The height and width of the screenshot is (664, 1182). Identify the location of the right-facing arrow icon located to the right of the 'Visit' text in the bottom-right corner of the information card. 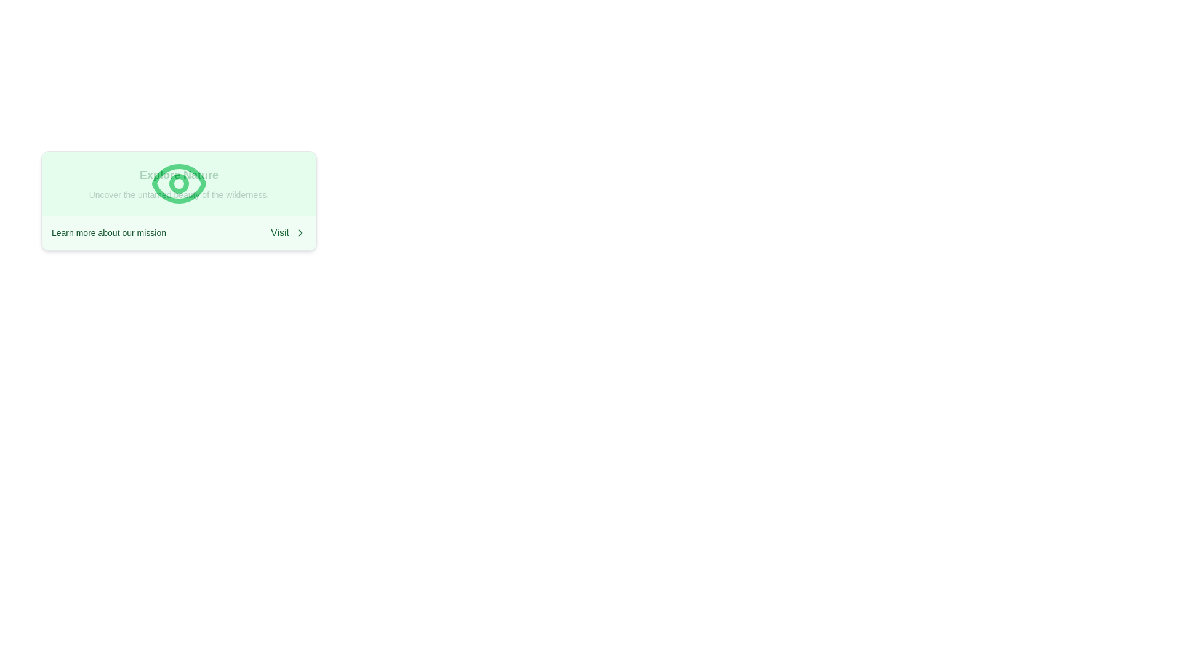
(300, 232).